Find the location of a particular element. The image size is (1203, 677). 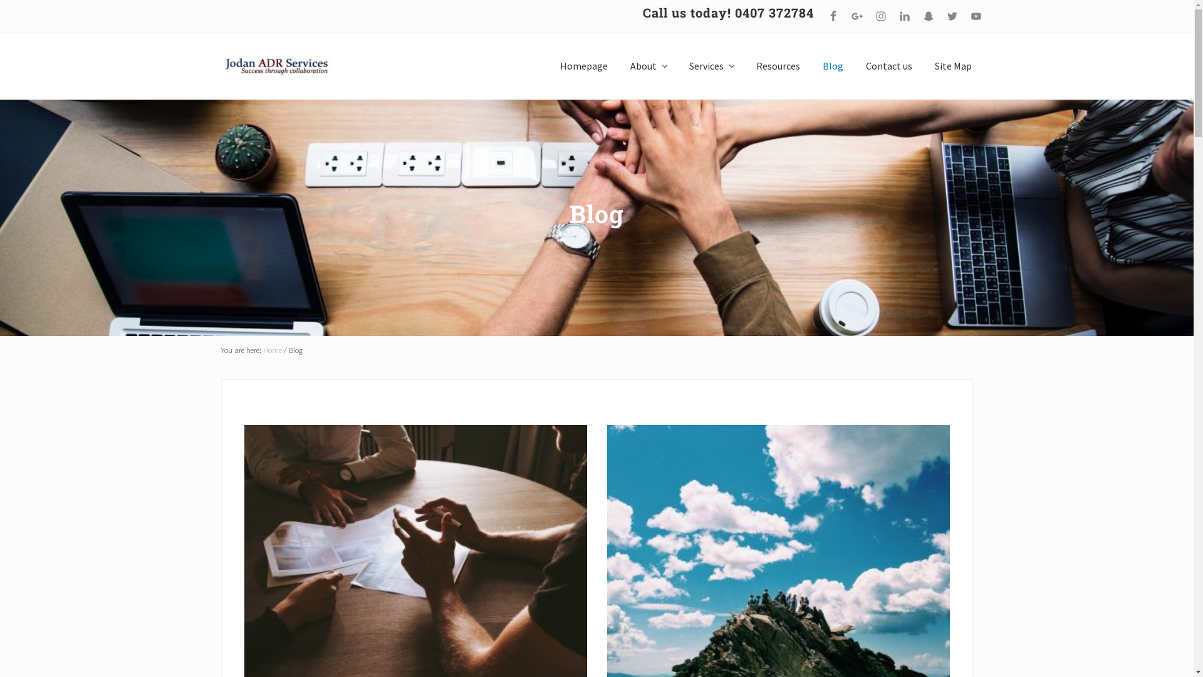

'About' is located at coordinates (620, 65).